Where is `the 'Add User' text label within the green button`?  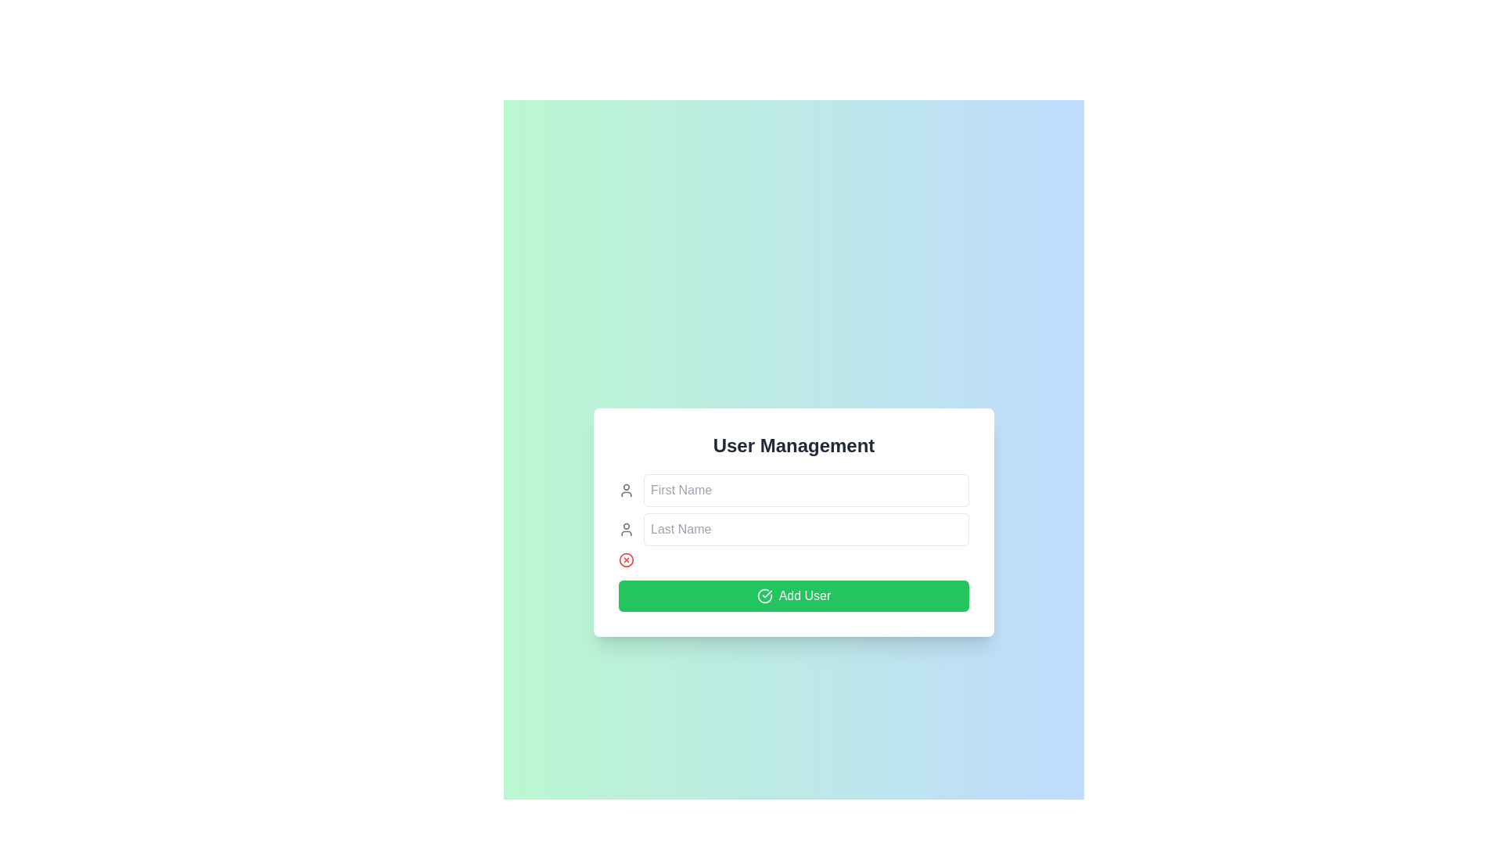
the 'Add User' text label within the green button is located at coordinates (804, 596).